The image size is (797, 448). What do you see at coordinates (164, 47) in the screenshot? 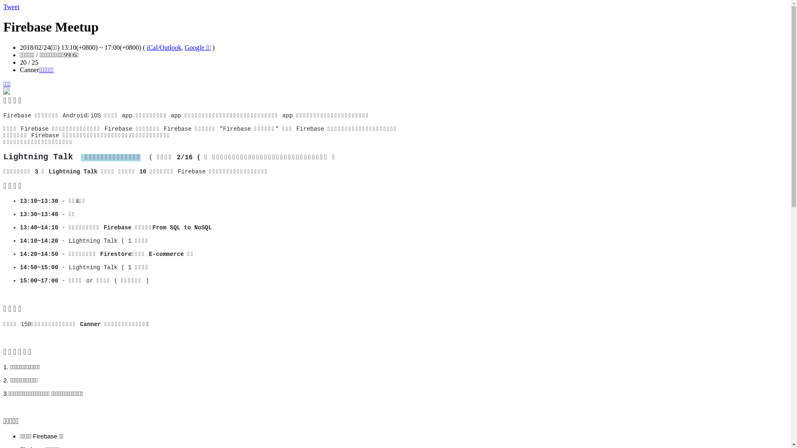
I see `'iCal/Outlook'` at bounding box center [164, 47].